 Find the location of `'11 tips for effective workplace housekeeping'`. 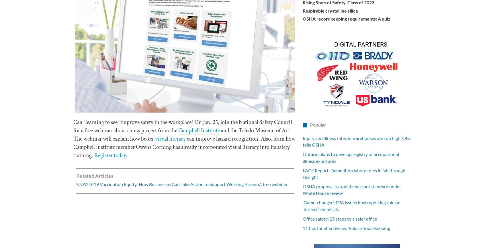

'11 tips for effective workplace housekeeping' is located at coordinates (346, 228).